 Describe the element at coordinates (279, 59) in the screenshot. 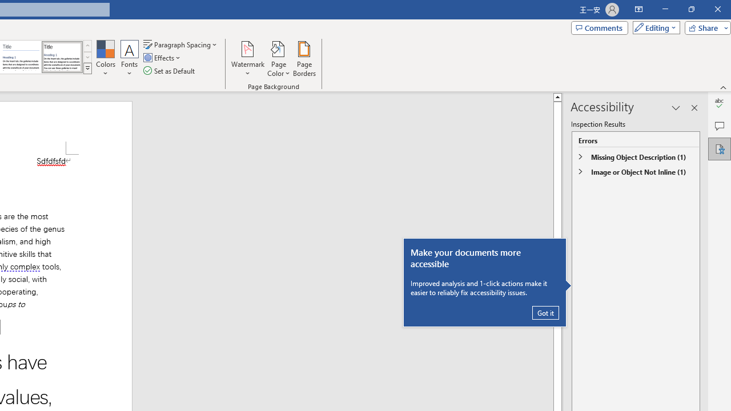

I see `'Page Color'` at that location.